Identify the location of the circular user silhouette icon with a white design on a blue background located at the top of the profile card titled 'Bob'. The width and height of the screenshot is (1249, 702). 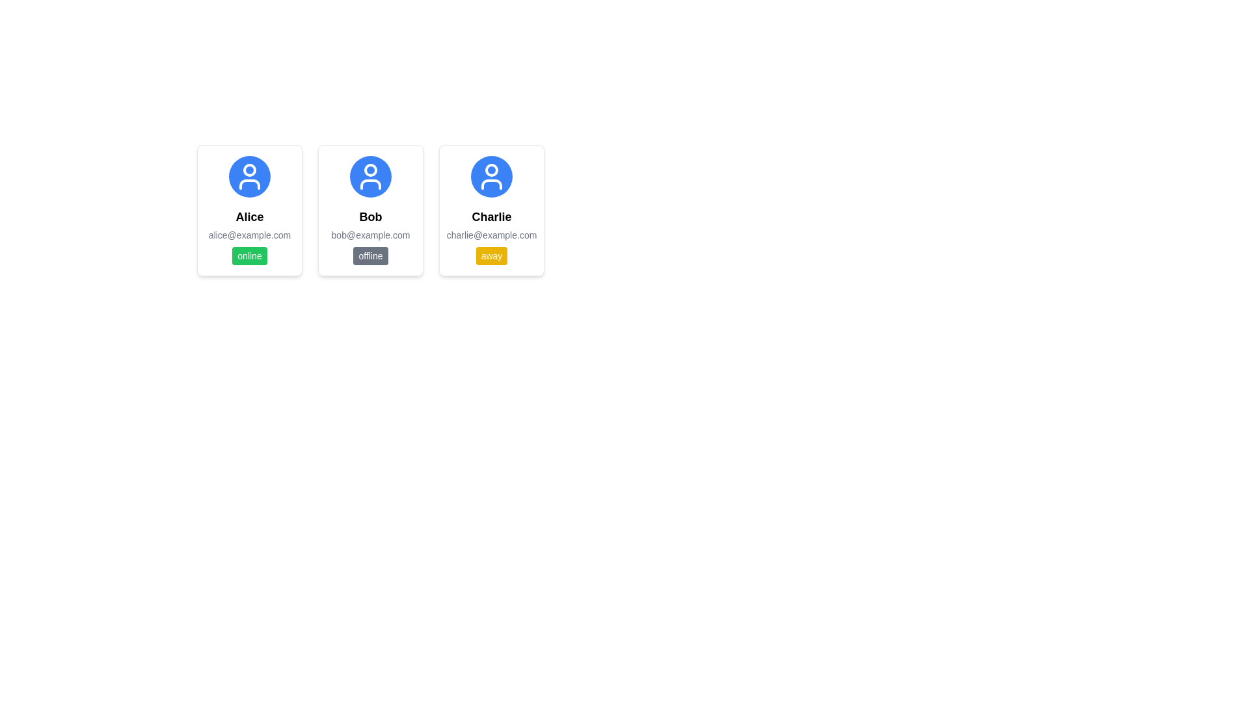
(370, 177).